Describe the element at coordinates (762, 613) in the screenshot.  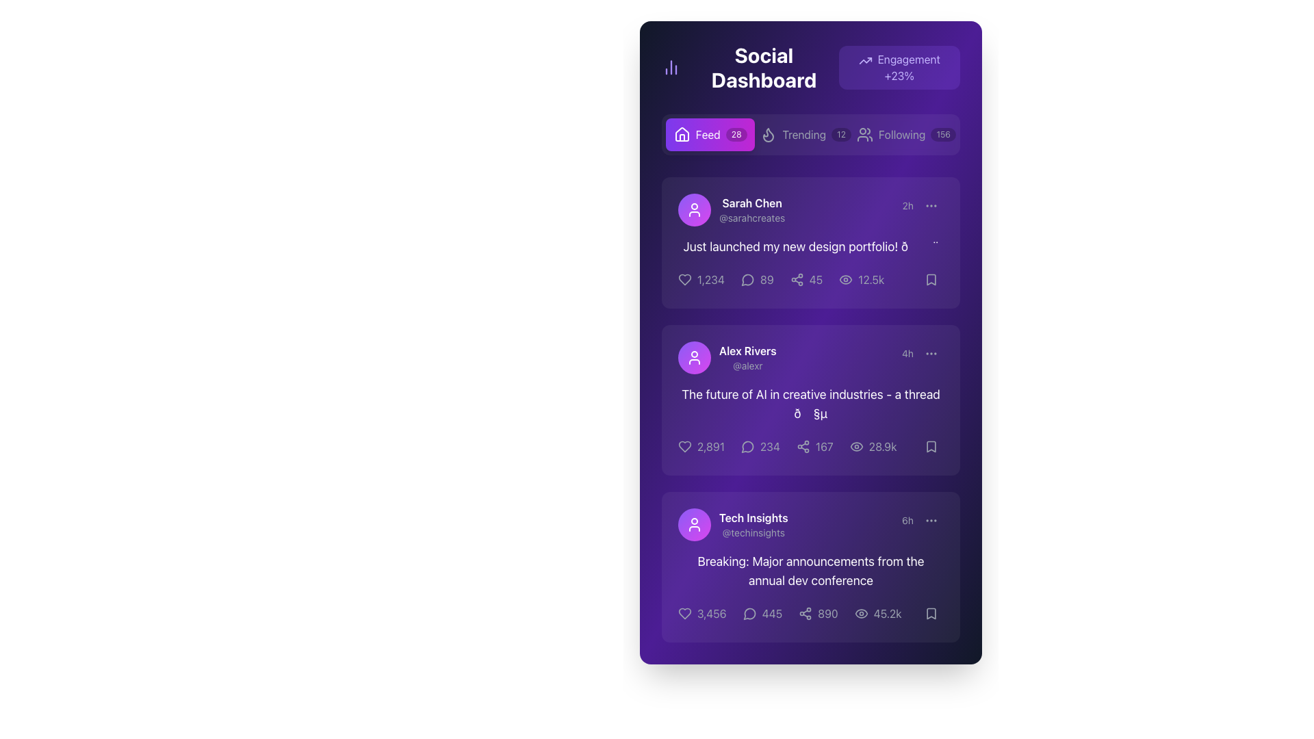
I see `the Interactive Counter with Icon displaying the number '445'` at that location.